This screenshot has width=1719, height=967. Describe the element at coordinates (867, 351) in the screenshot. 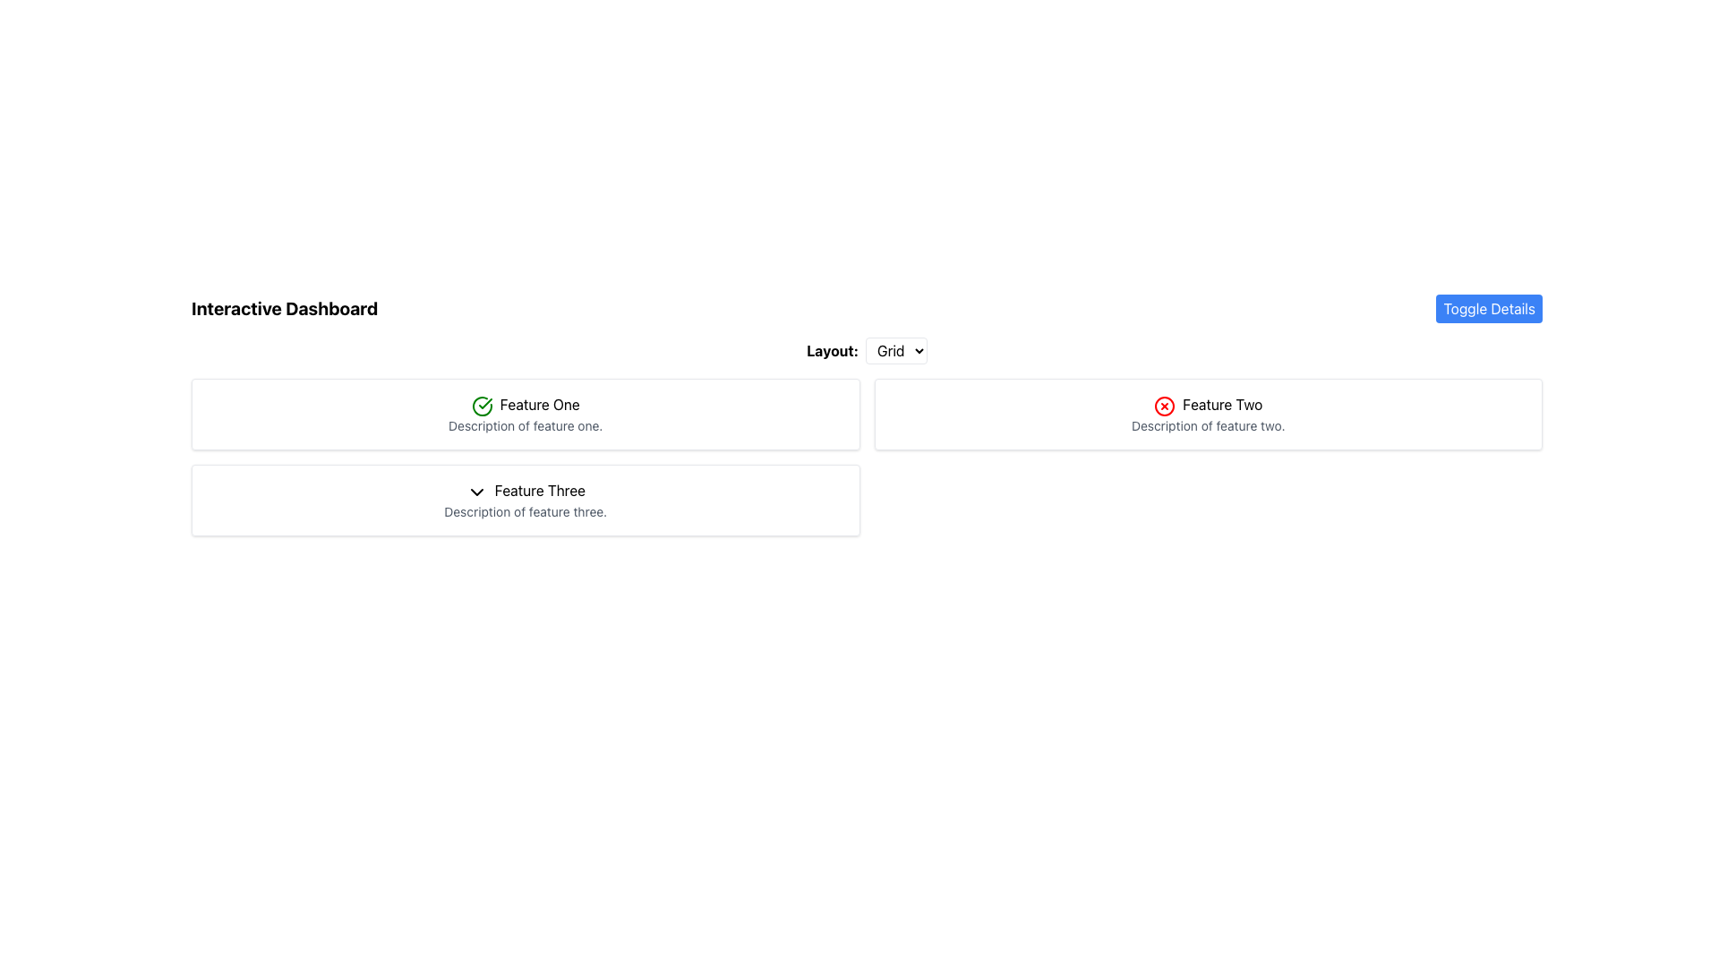

I see `the text element displaying 'Layout: GridList' which is bolded and positioned above a grid display of features` at that location.